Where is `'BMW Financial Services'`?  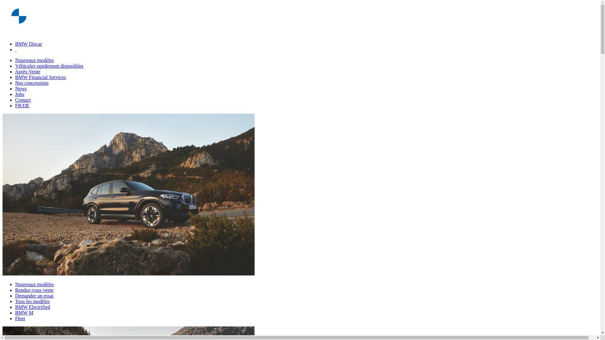
'BMW Financial Services' is located at coordinates (40, 77).